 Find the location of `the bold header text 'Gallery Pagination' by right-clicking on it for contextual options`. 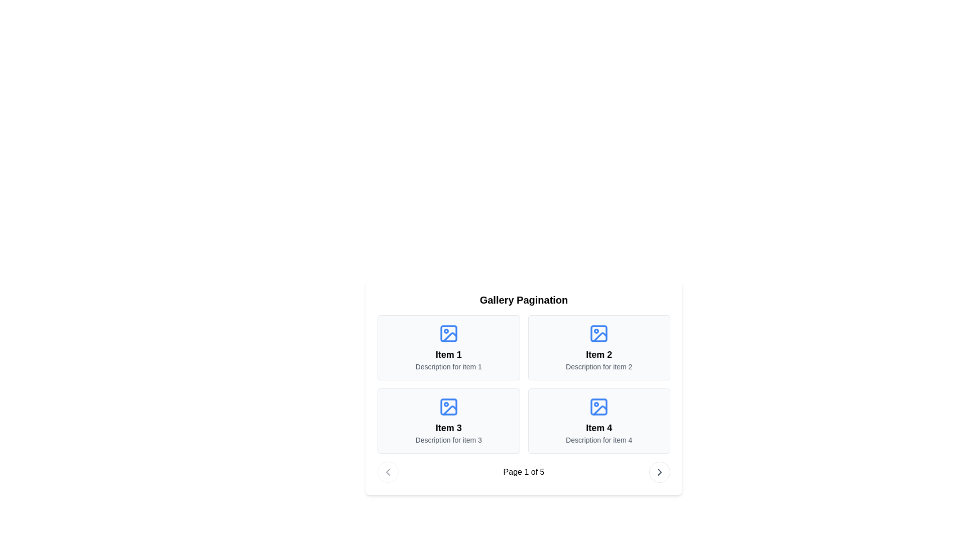

the bold header text 'Gallery Pagination' by right-clicking on it for contextual options is located at coordinates (523, 299).